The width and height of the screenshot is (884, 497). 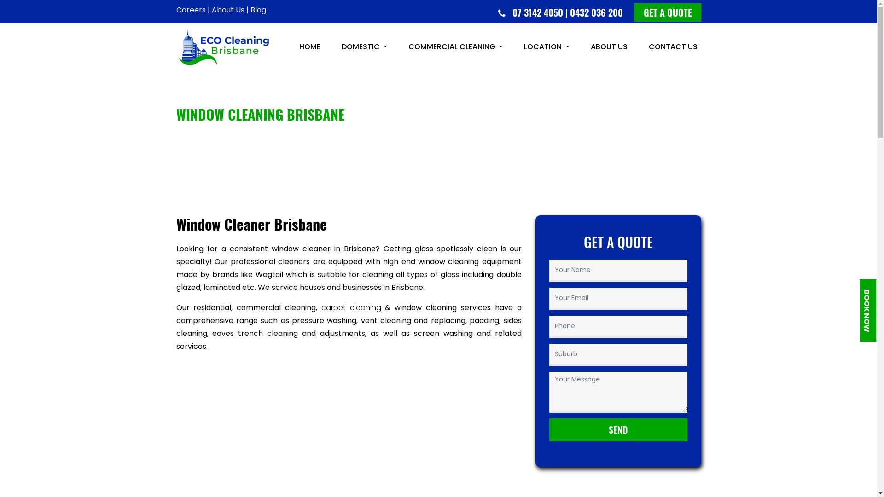 What do you see at coordinates (618, 429) in the screenshot?
I see `'SEND'` at bounding box center [618, 429].